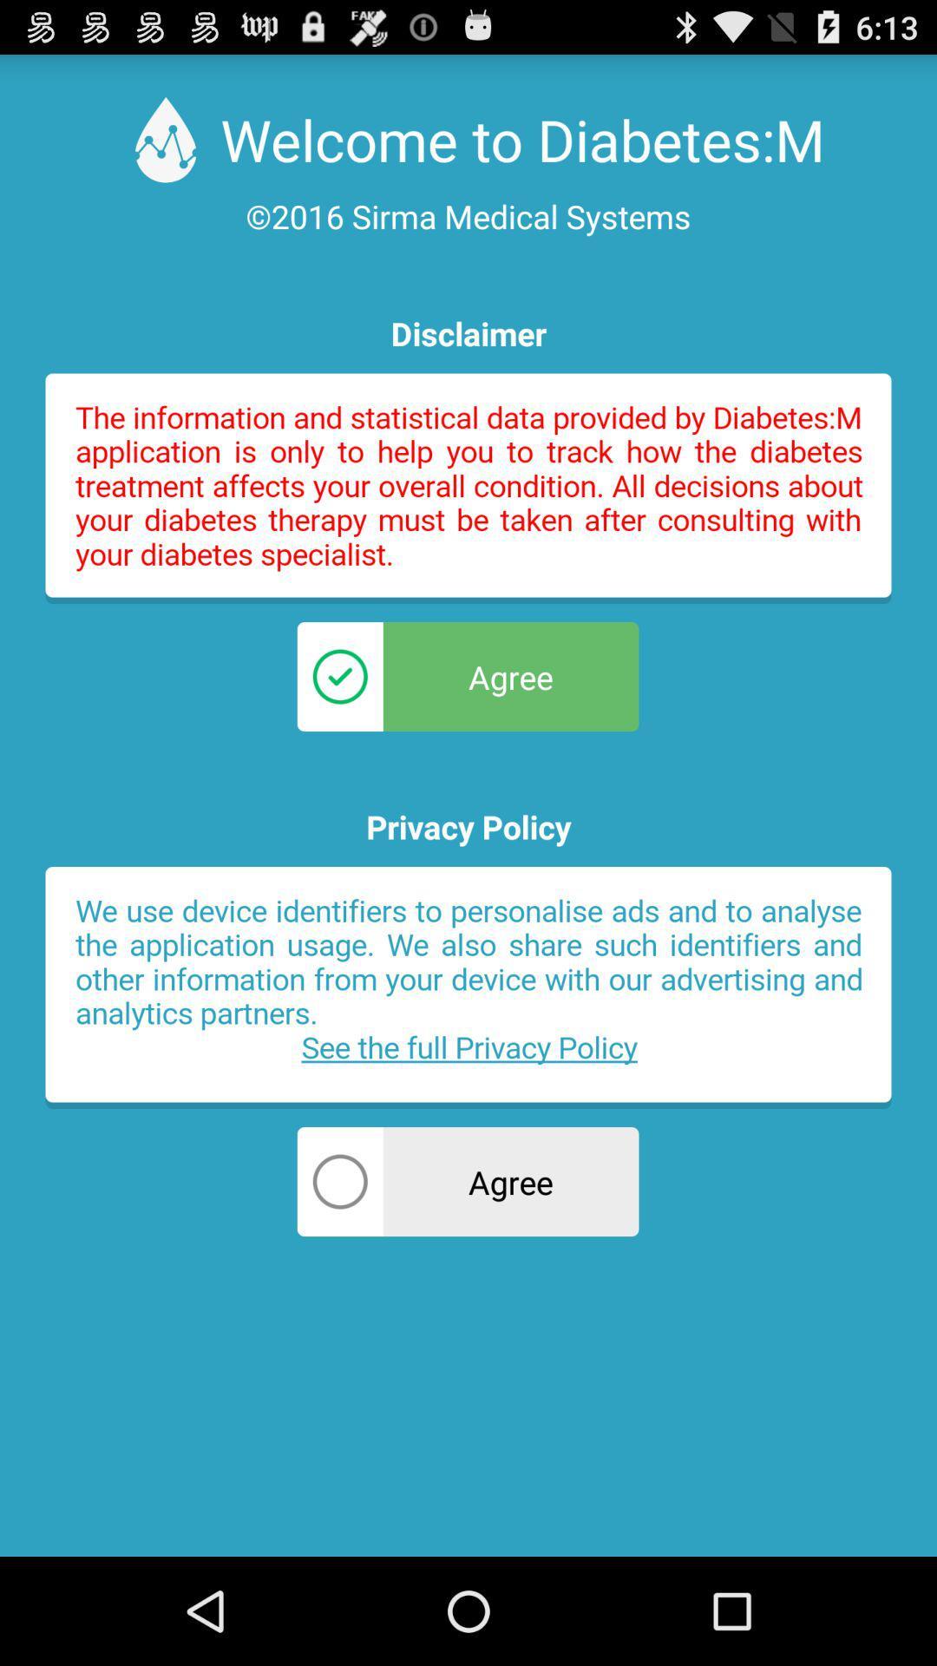 The image size is (937, 1666). I want to click on the article, so click(468, 987).